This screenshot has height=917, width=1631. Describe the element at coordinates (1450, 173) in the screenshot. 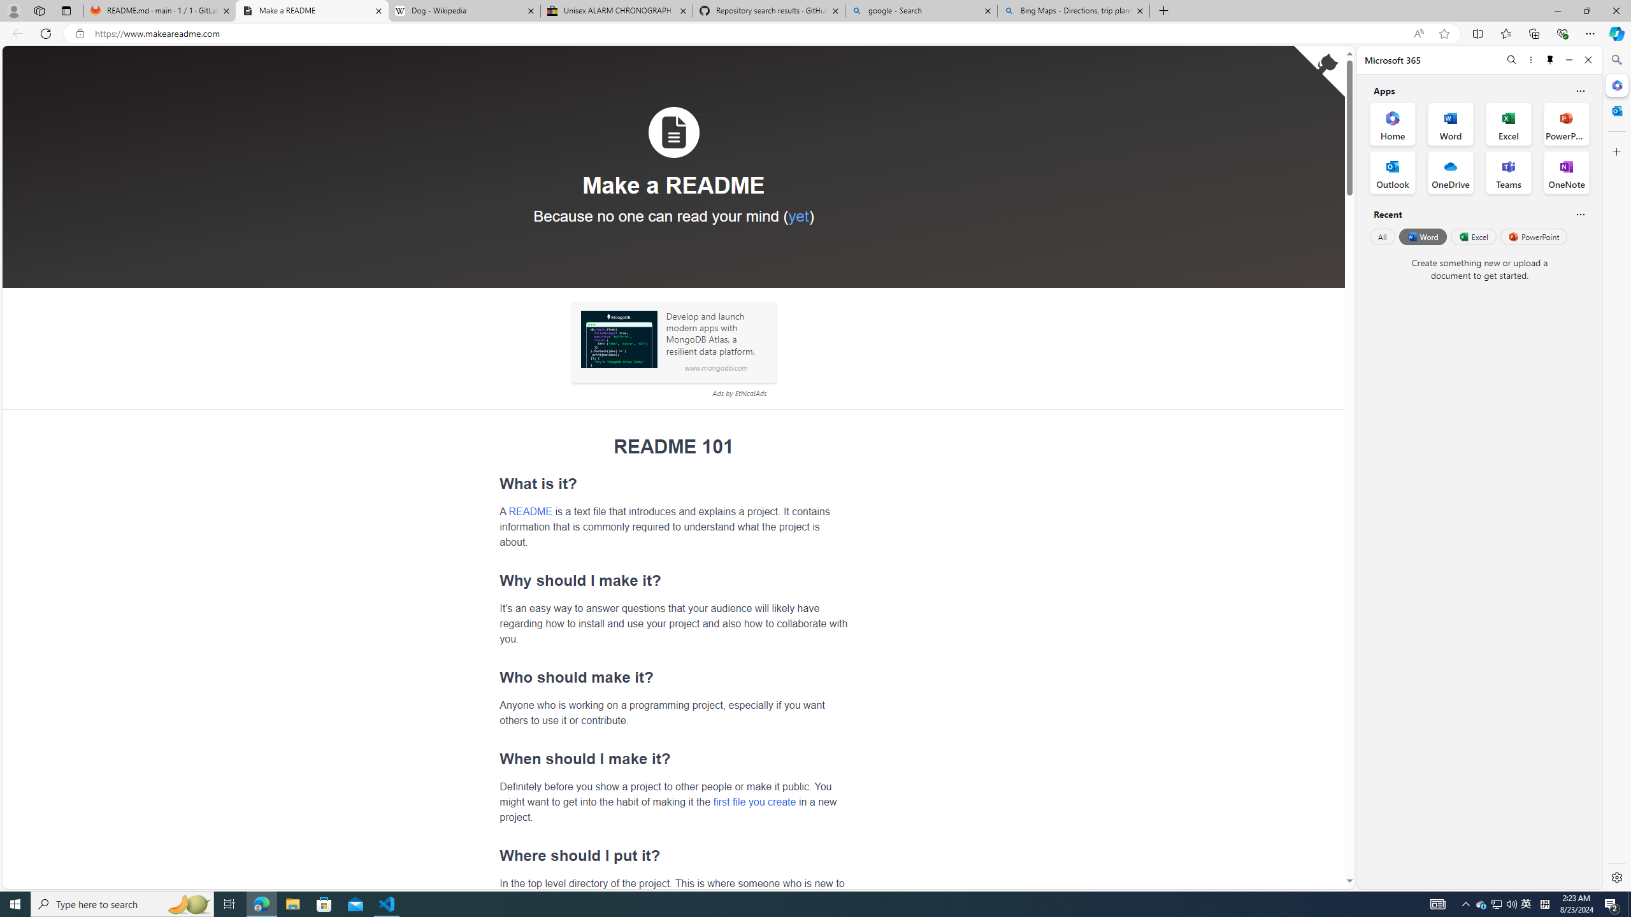

I see `'OneDrive Office App'` at that location.